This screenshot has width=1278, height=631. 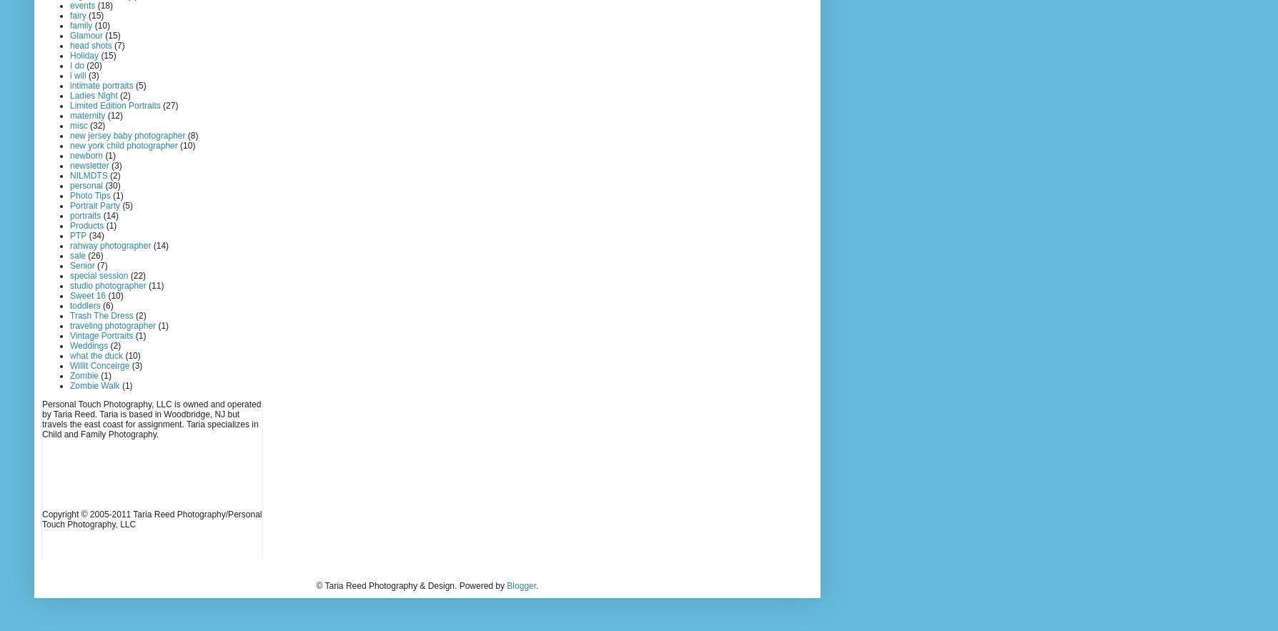 What do you see at coordinates (86, 34) in the screenshot?
I see `'Glamour'` at bounding box center [86, 34].